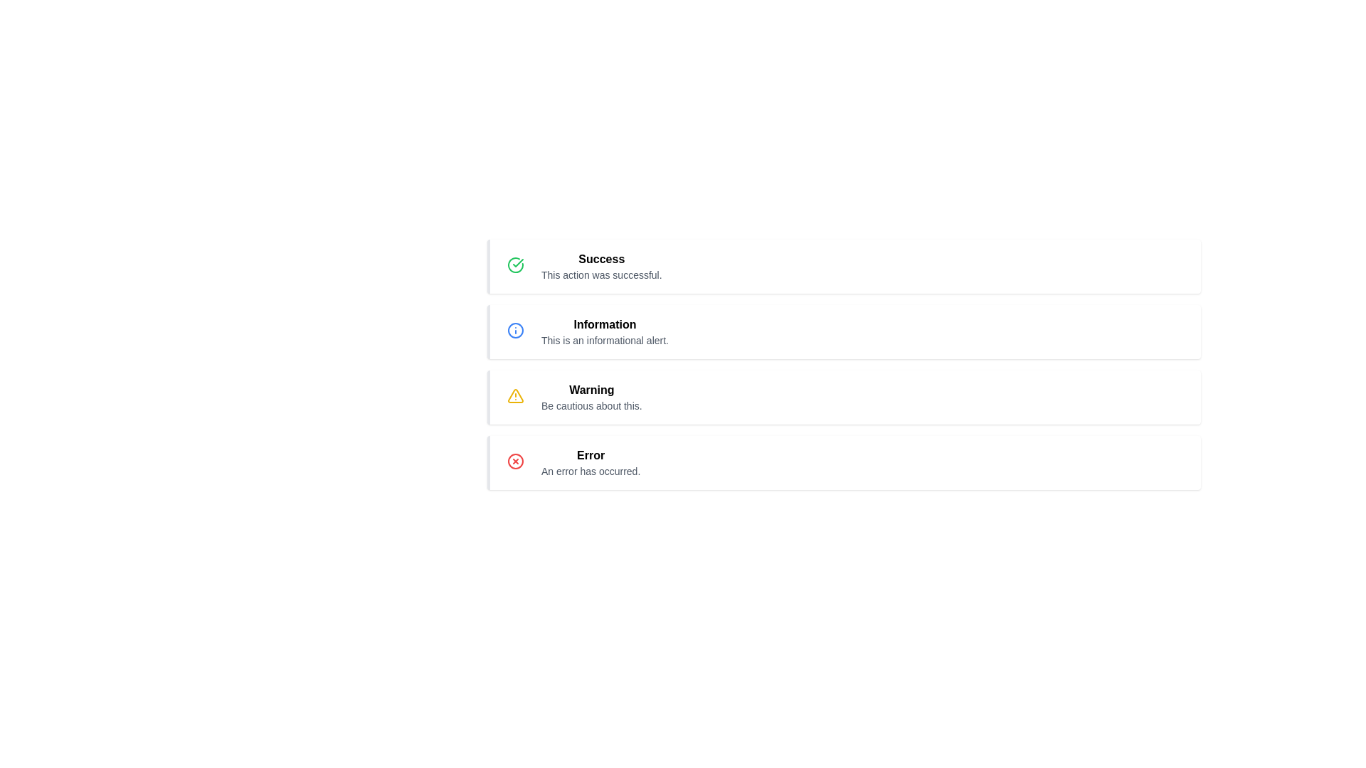 This screenshot has height=768, width=1366. Describe the element at coordinates (514, 331) in the screenshot. I see `the blue information icon with a white interior and 'i' symbol, located in the second row of the alert list` at that location.